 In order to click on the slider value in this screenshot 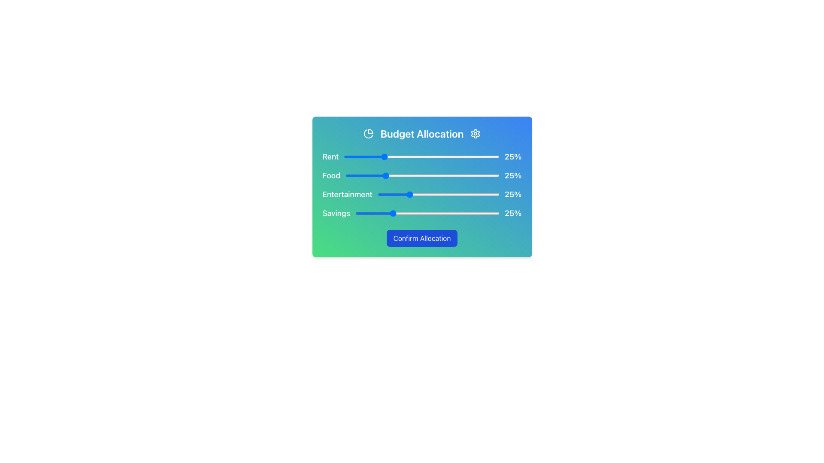, I will do `click(391, 157)`.